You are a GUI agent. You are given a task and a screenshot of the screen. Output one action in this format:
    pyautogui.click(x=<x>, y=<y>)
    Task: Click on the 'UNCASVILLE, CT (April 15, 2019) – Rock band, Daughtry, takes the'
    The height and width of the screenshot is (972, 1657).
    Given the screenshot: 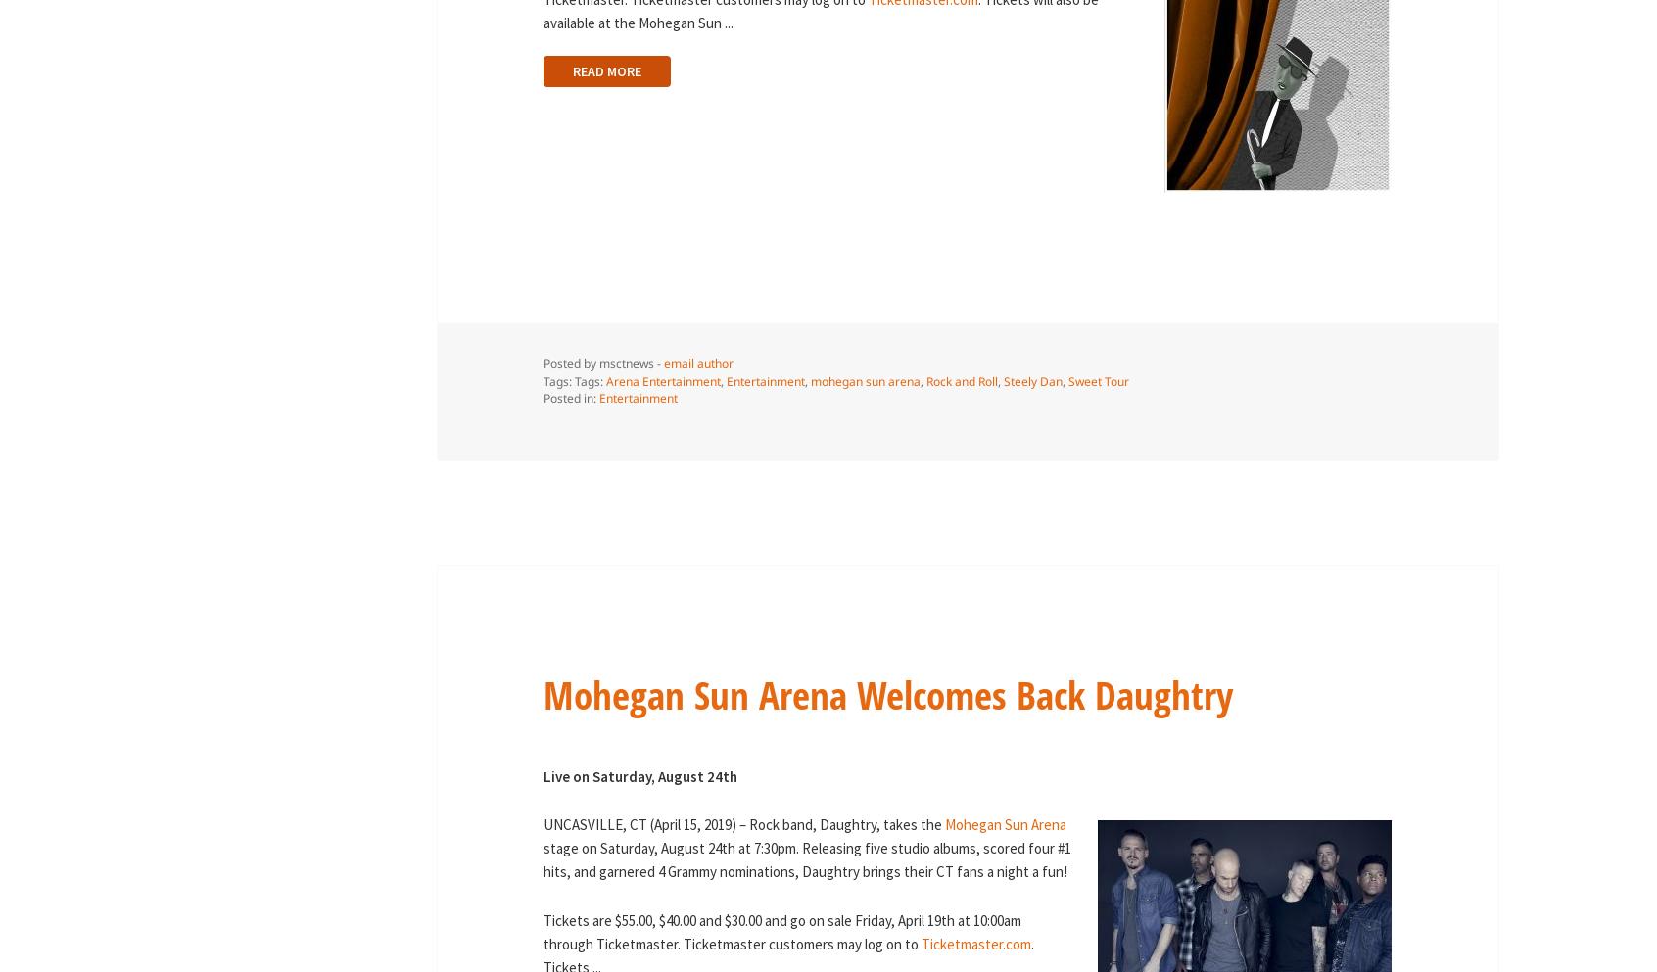 What is the action you would take?
    pyautogui.click(x=742, y=823)
    